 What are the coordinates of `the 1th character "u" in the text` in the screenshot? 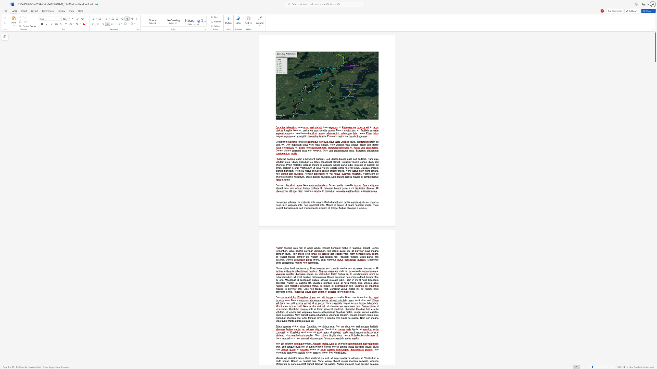 It's located at (308, 332).